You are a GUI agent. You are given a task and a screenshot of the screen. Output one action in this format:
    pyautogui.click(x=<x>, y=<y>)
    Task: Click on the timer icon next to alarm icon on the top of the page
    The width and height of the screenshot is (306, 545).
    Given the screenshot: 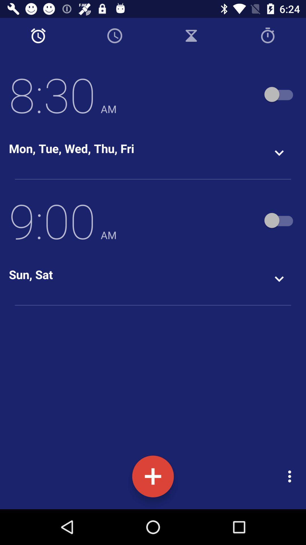 What is the action you would take?
    pyautogui.click(x=115, y=35)
    